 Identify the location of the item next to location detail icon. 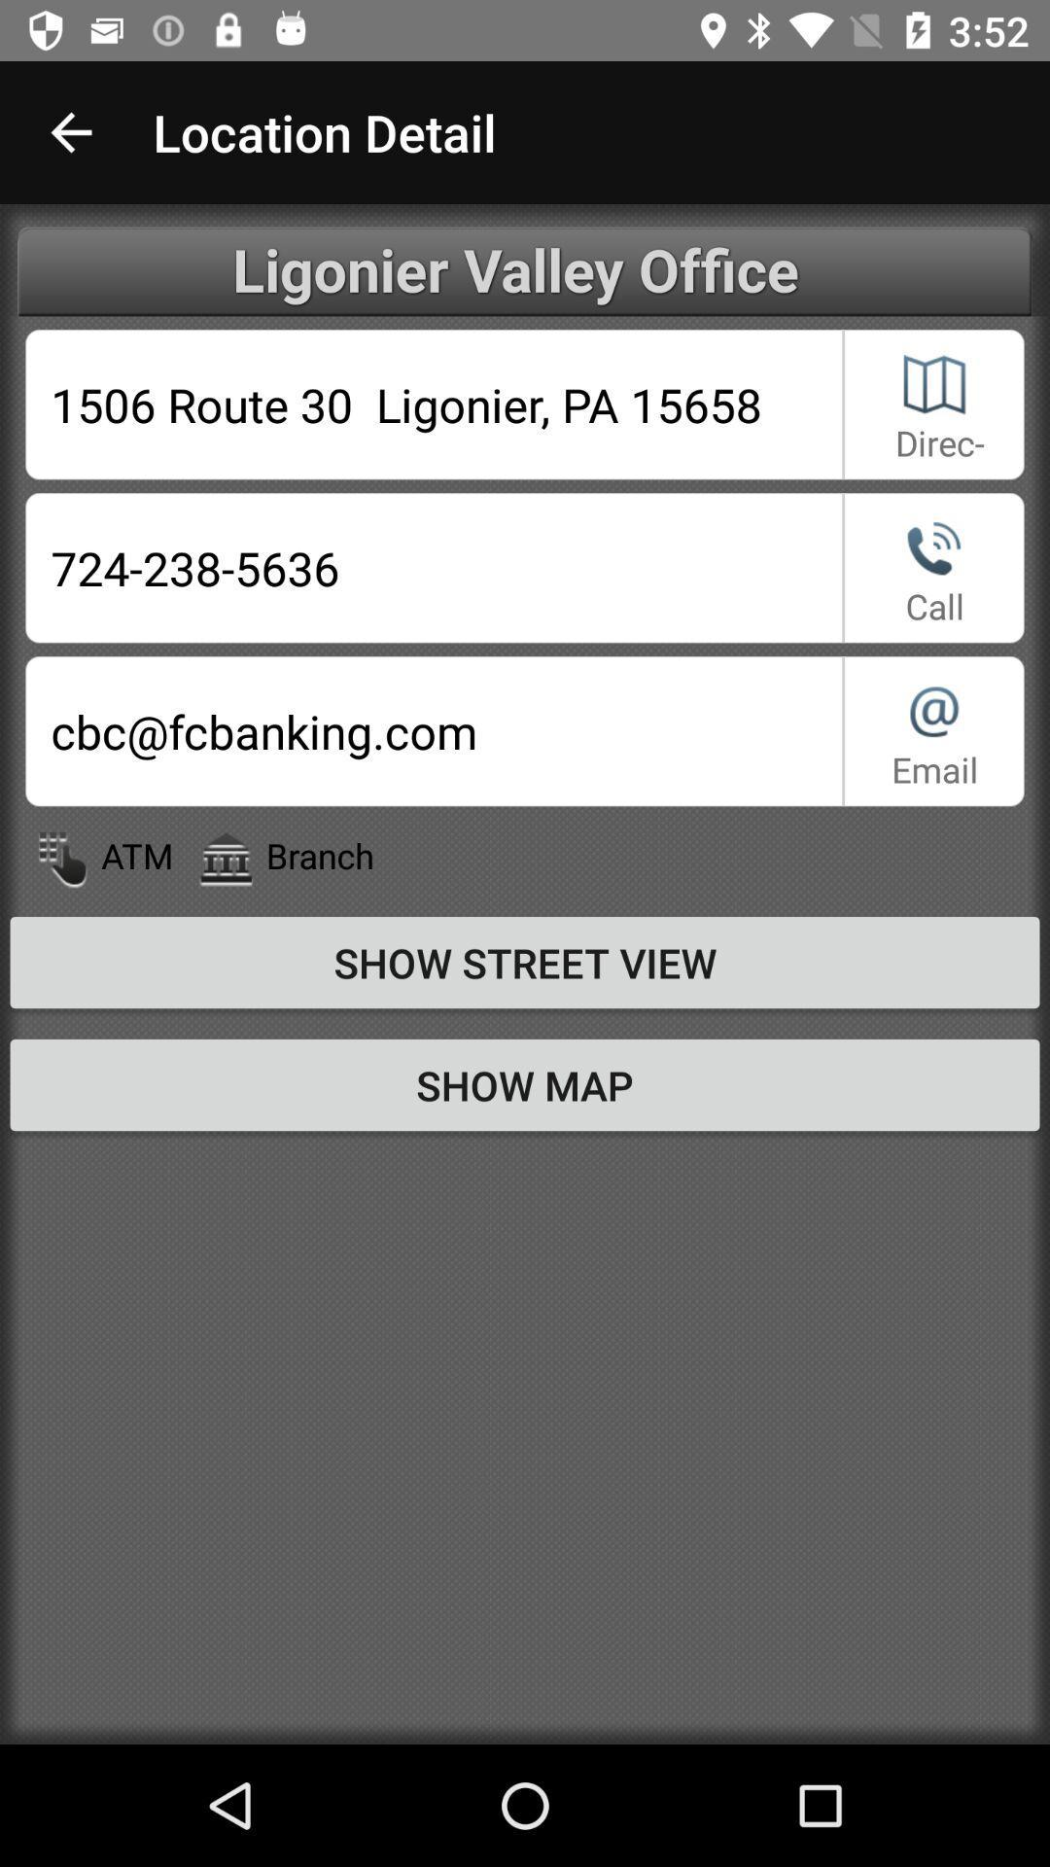
(70, 131).